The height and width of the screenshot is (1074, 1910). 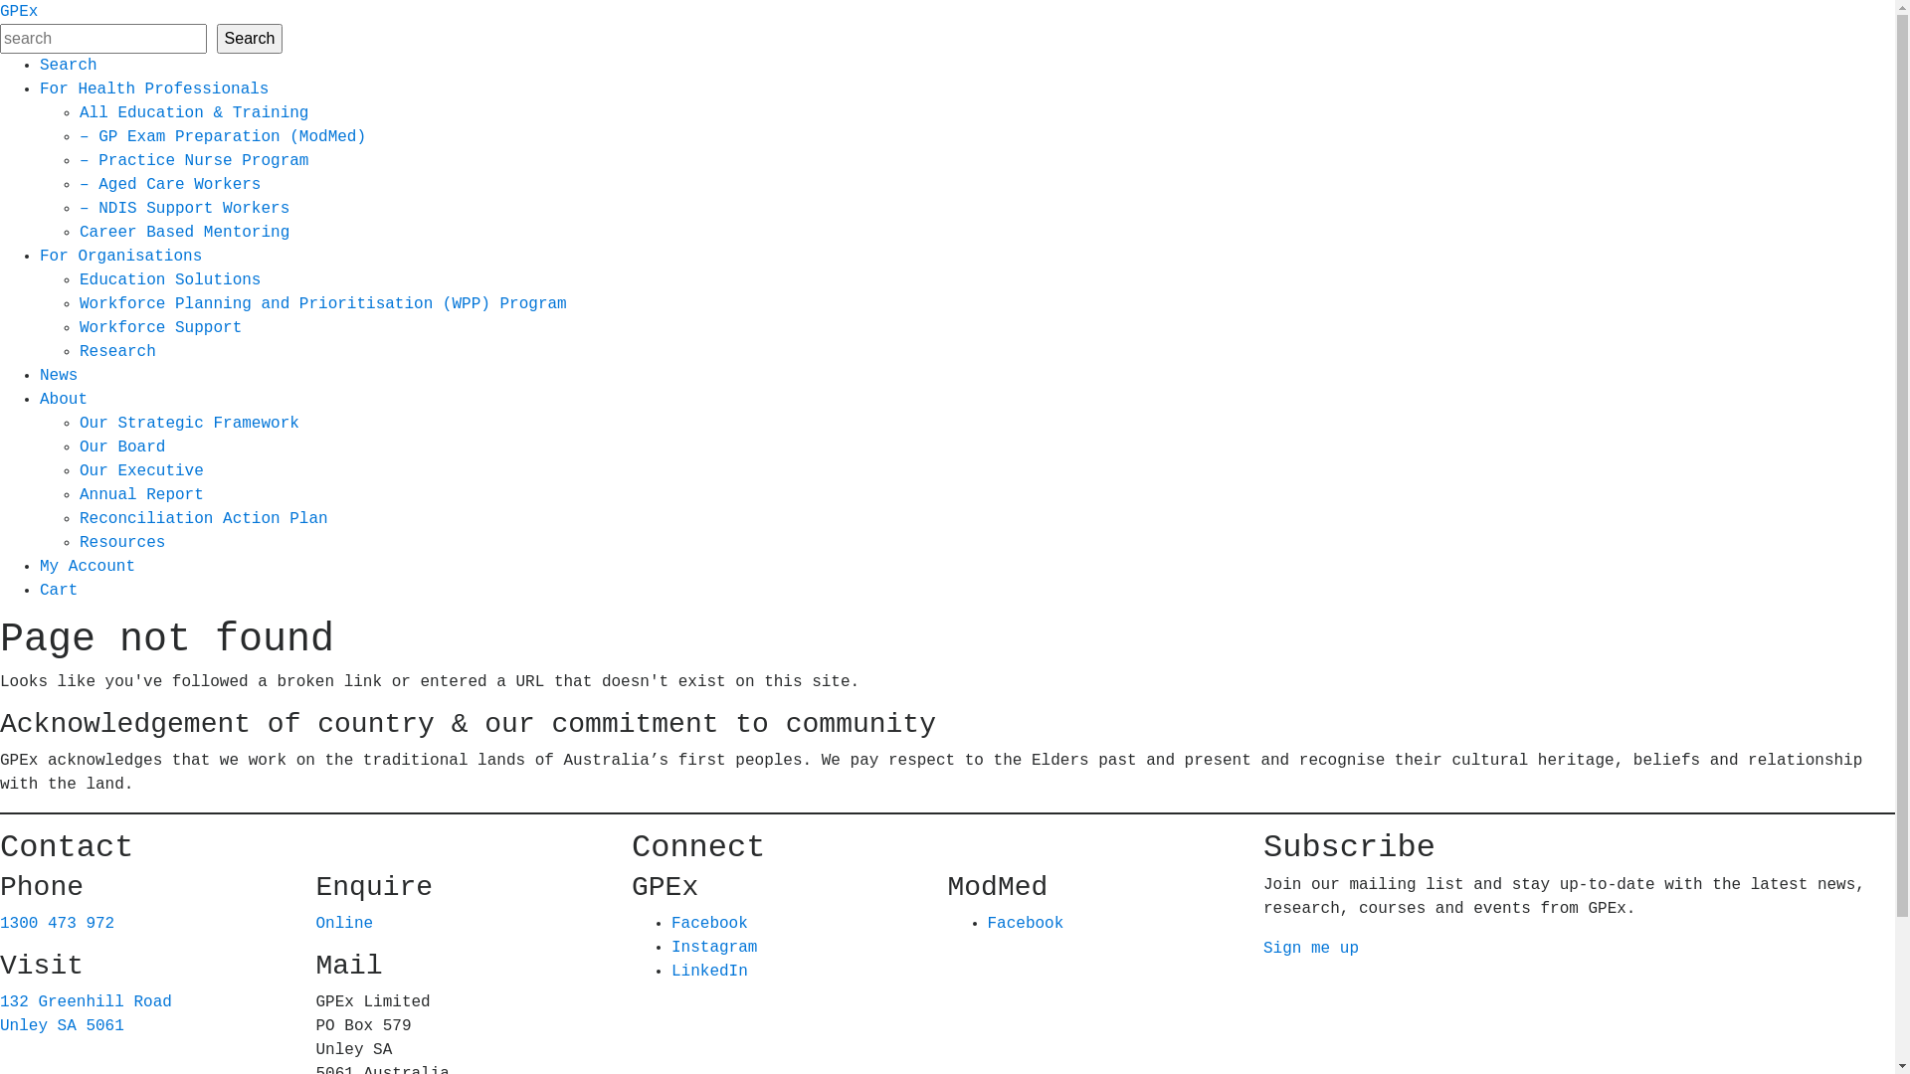 I want to click on 'LinkedIn', so click(x=709, y=970).